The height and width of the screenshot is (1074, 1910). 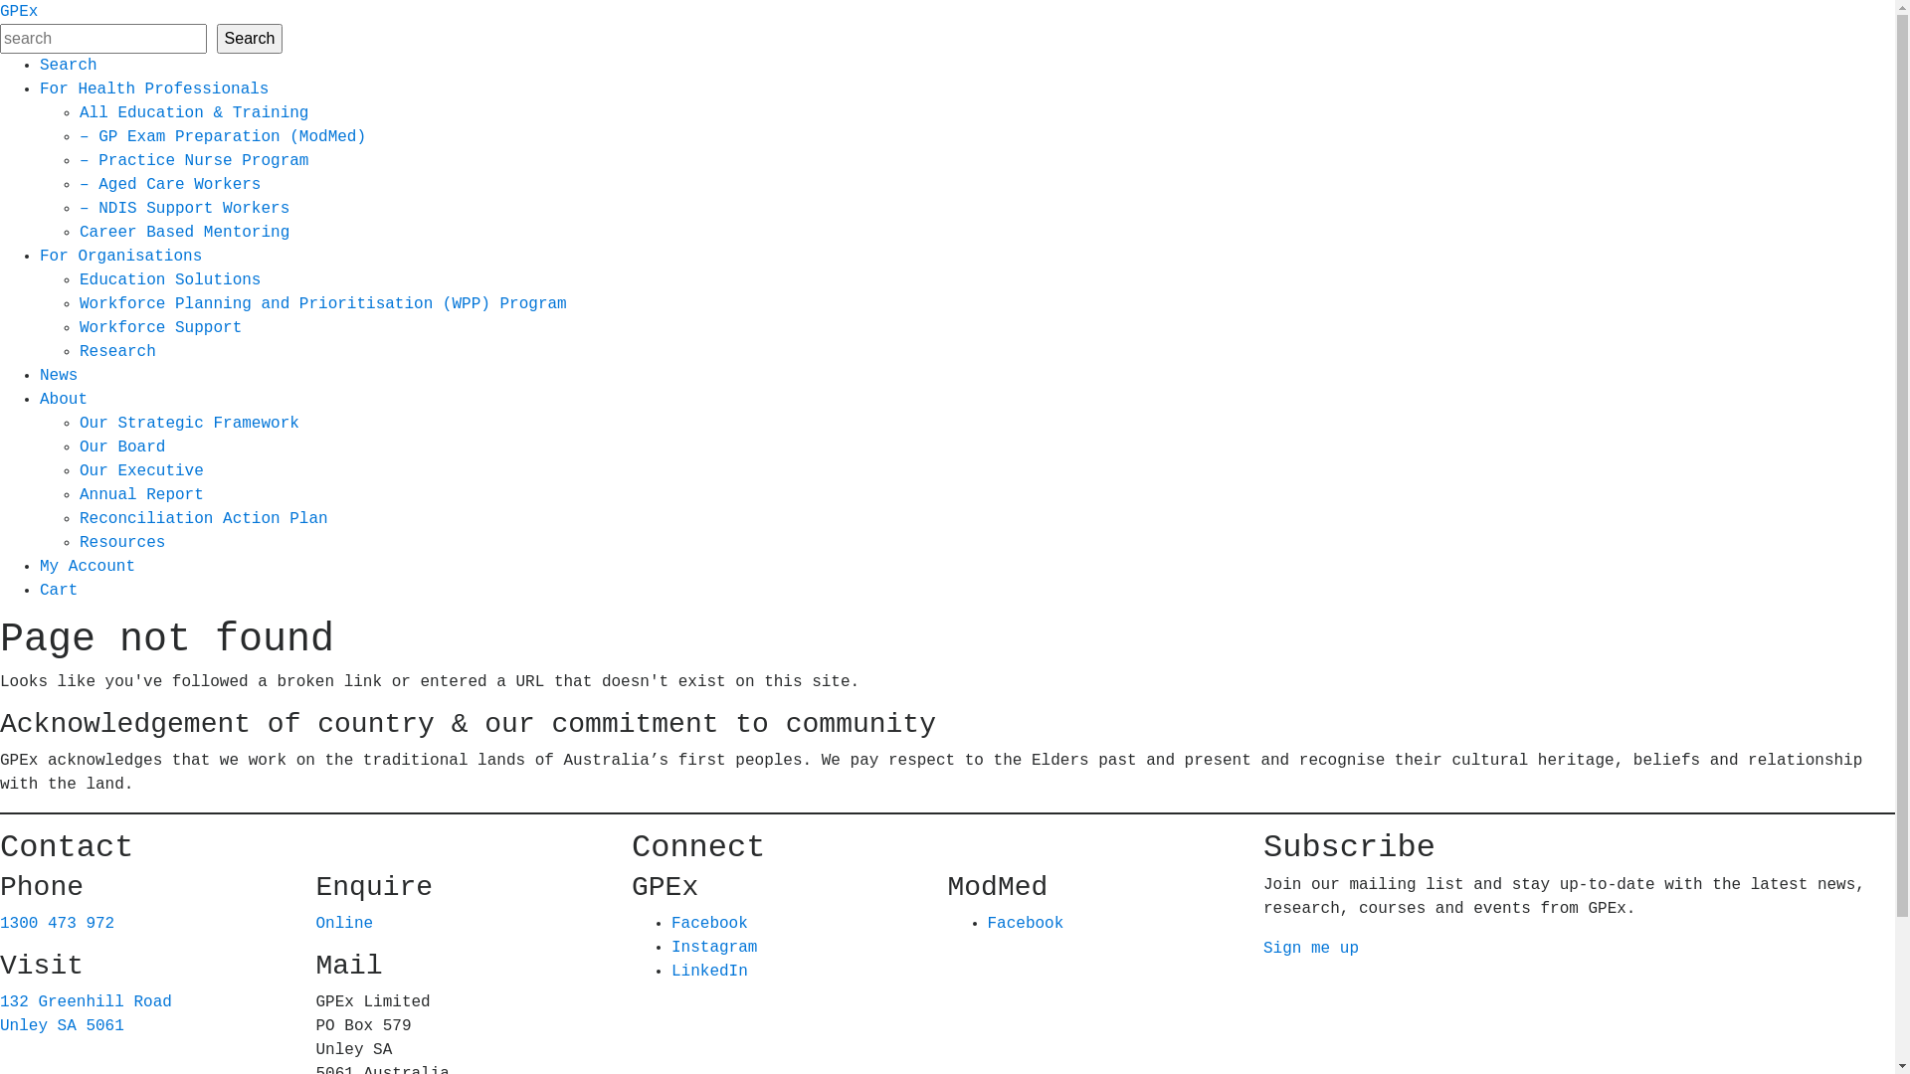 I want to click on 'LinkedIn', so click(x=709, y=970).